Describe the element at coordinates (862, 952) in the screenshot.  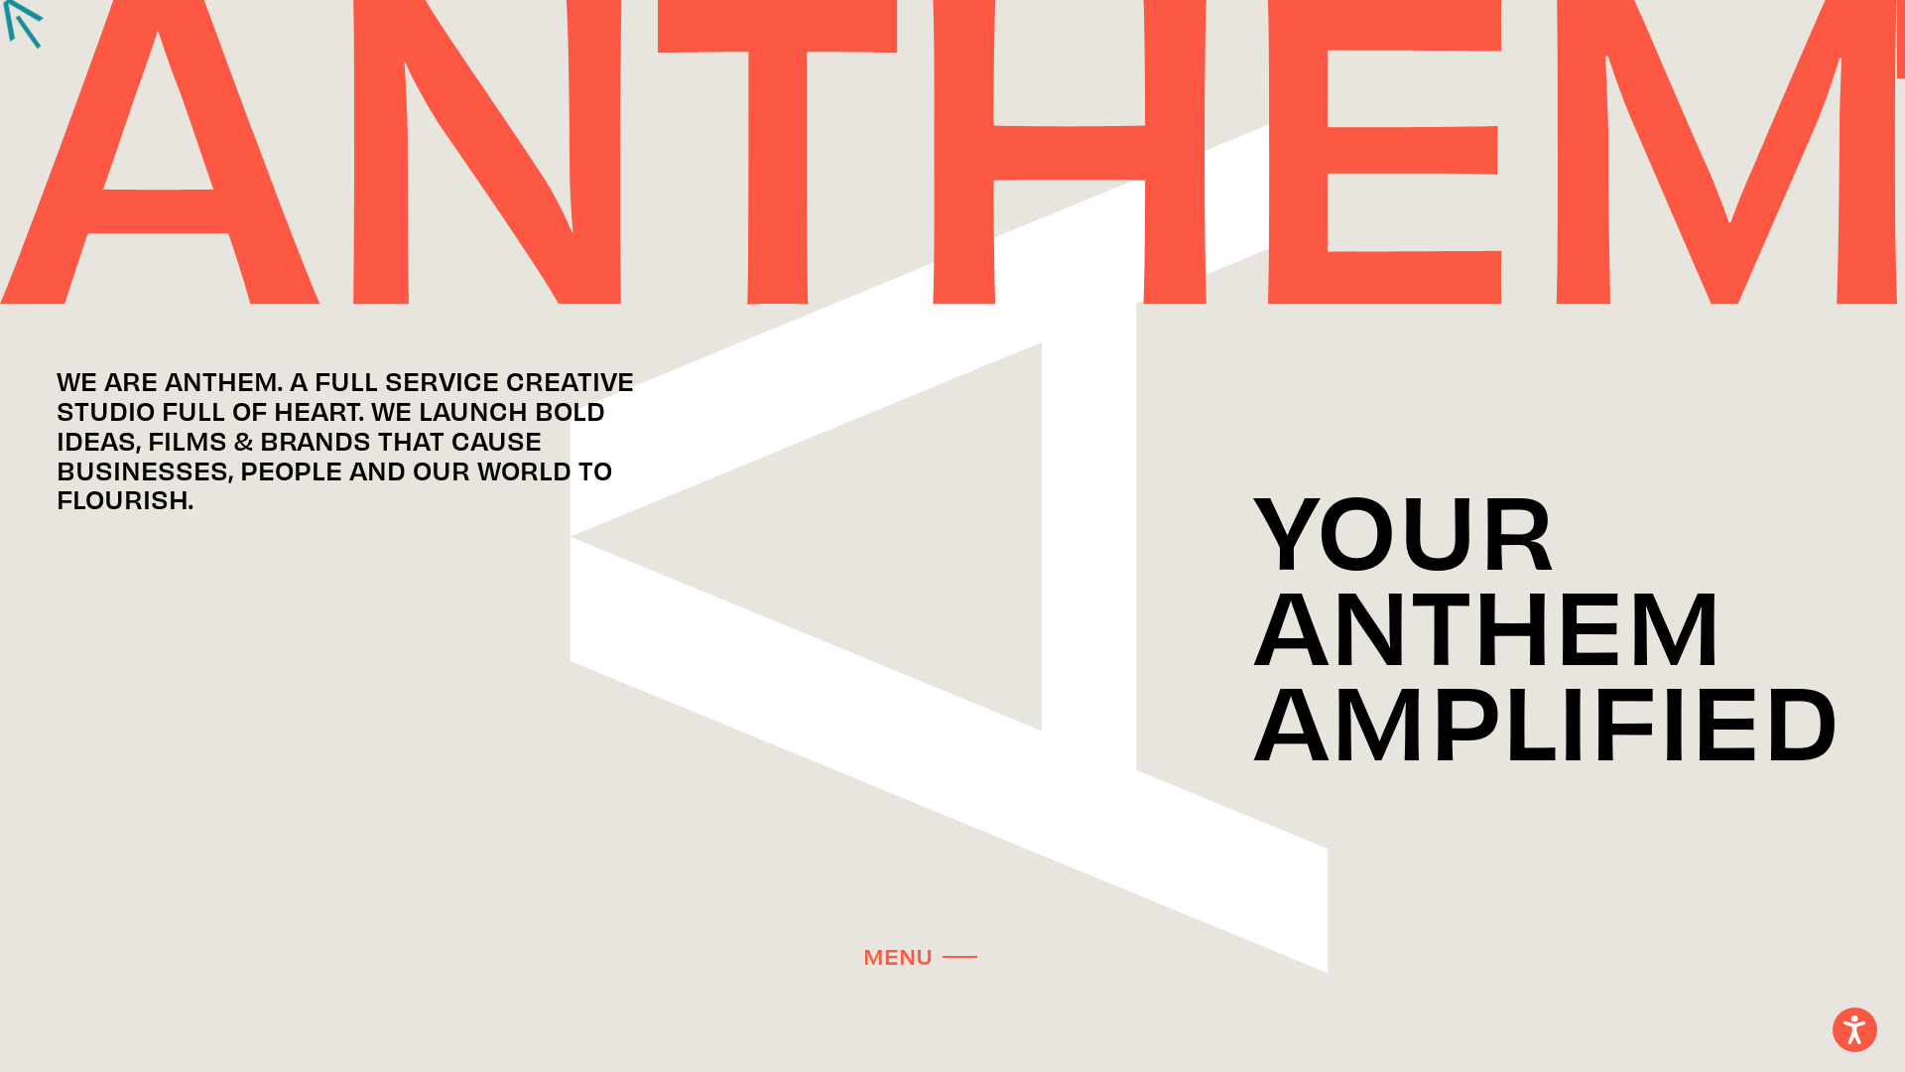
I see `'MENU'` at that location.